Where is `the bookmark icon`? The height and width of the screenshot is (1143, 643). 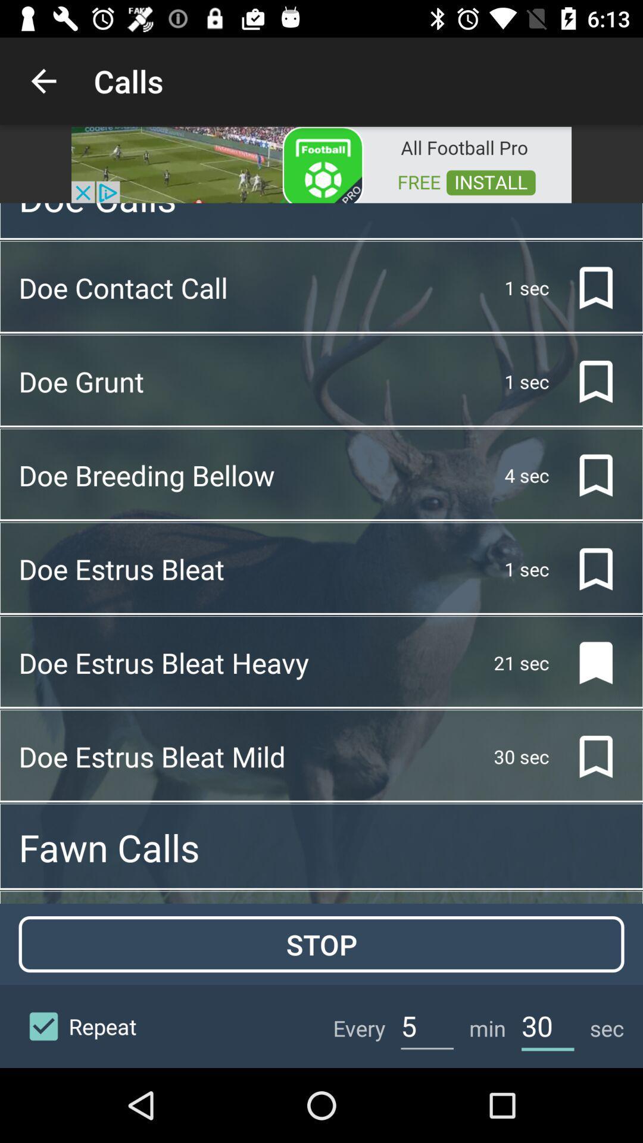
the bookmark icon is located at coordinates (586, 662).